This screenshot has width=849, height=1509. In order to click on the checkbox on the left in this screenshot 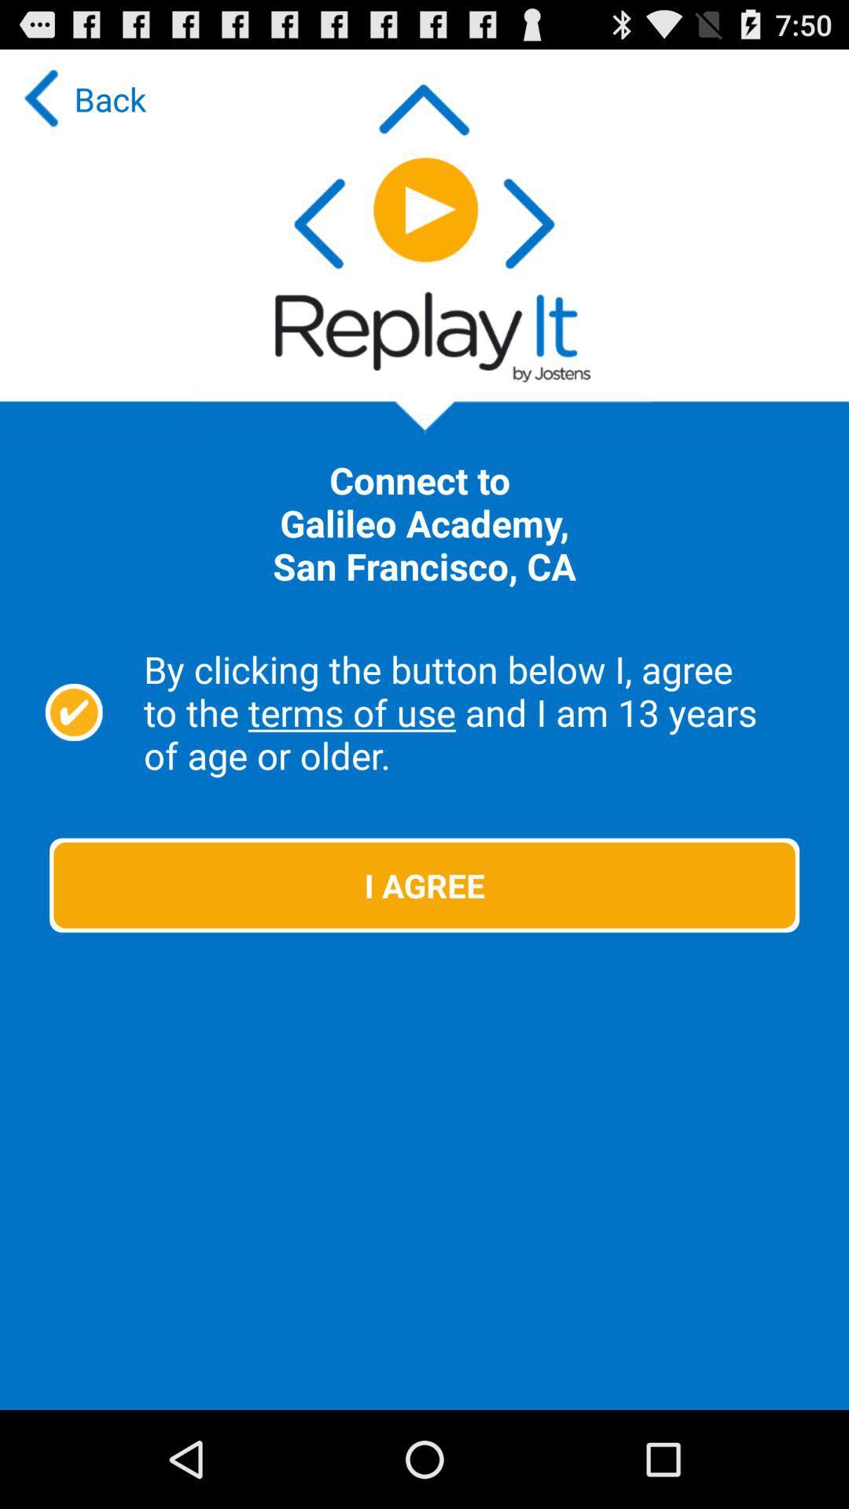, I will do `click(74, 711)`.